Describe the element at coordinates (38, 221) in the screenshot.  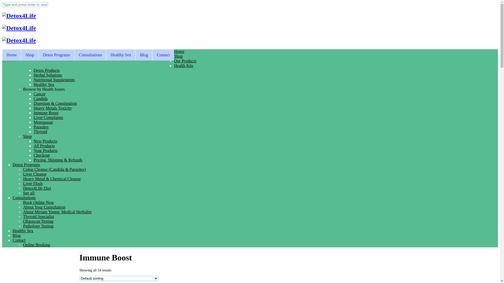
I see `'Oligoscan Testing'` at that location.